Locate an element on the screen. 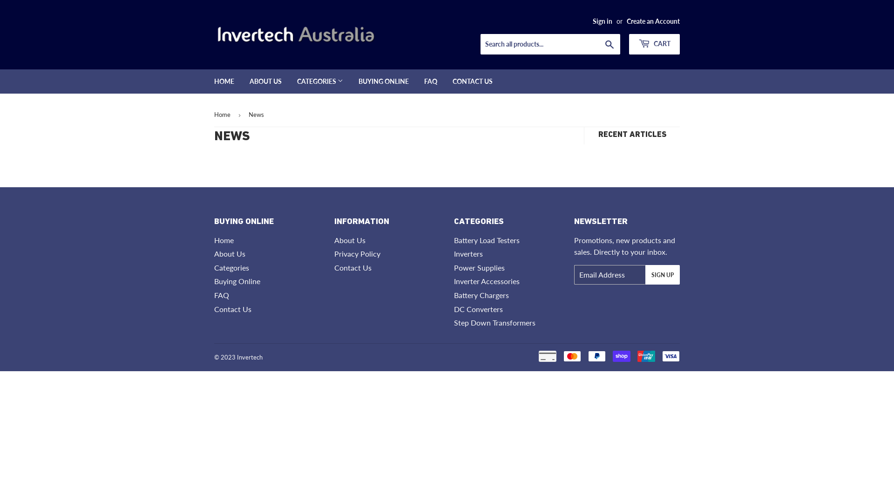 Image resolution: width=894 pixels, height=503 pixels. 'BUYING ONLINE' is located at coordinates (384, 81).